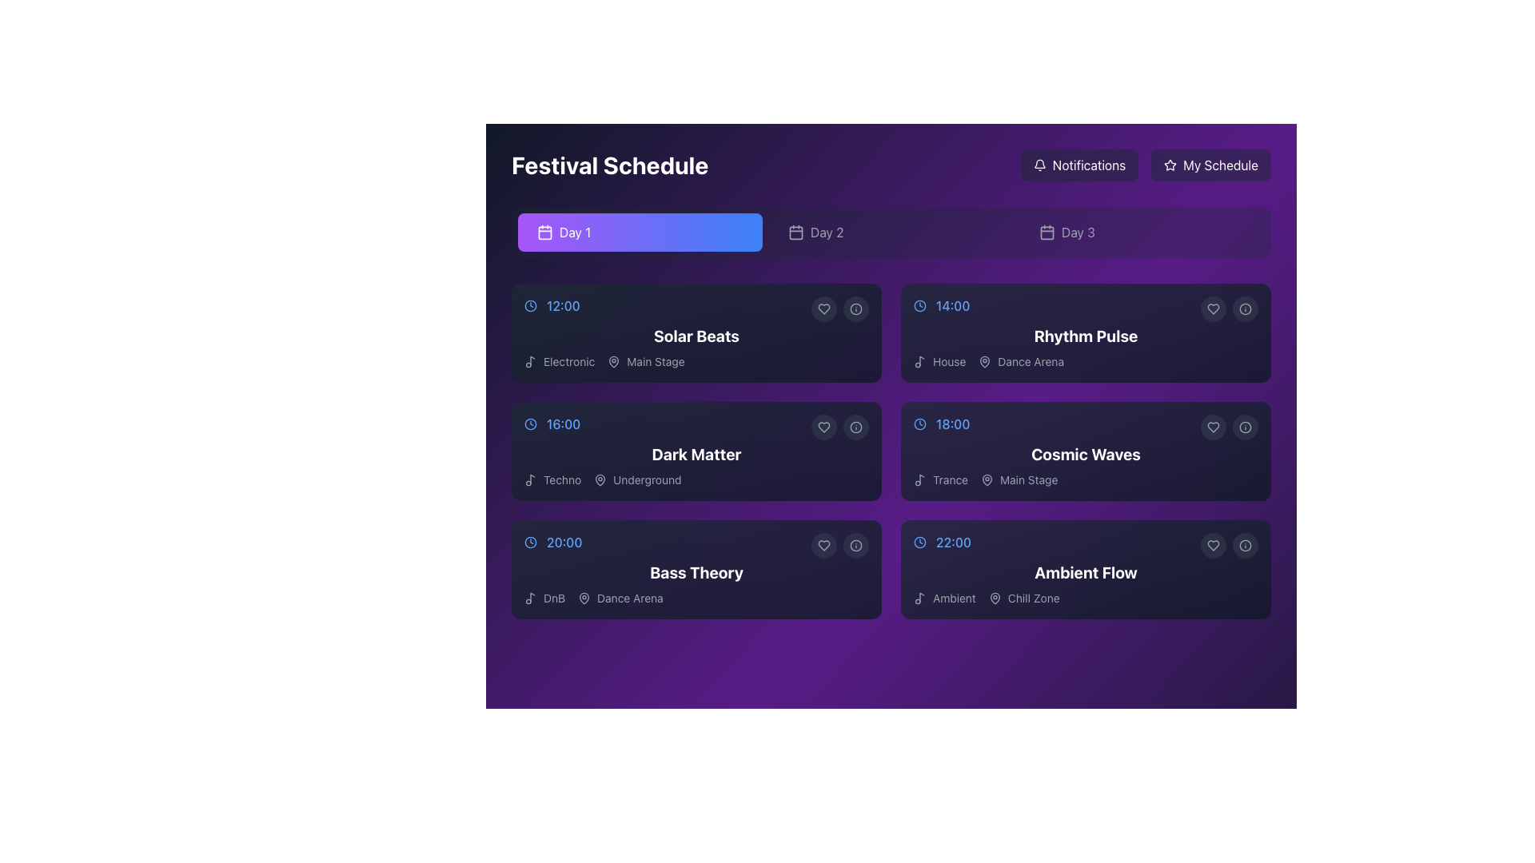  Describe the element at coordinates (1245, 427) in the screenshot. I see `the Info button, which is a circular icon with a darker gray background and a white 'info' graphic at its center` at that location.